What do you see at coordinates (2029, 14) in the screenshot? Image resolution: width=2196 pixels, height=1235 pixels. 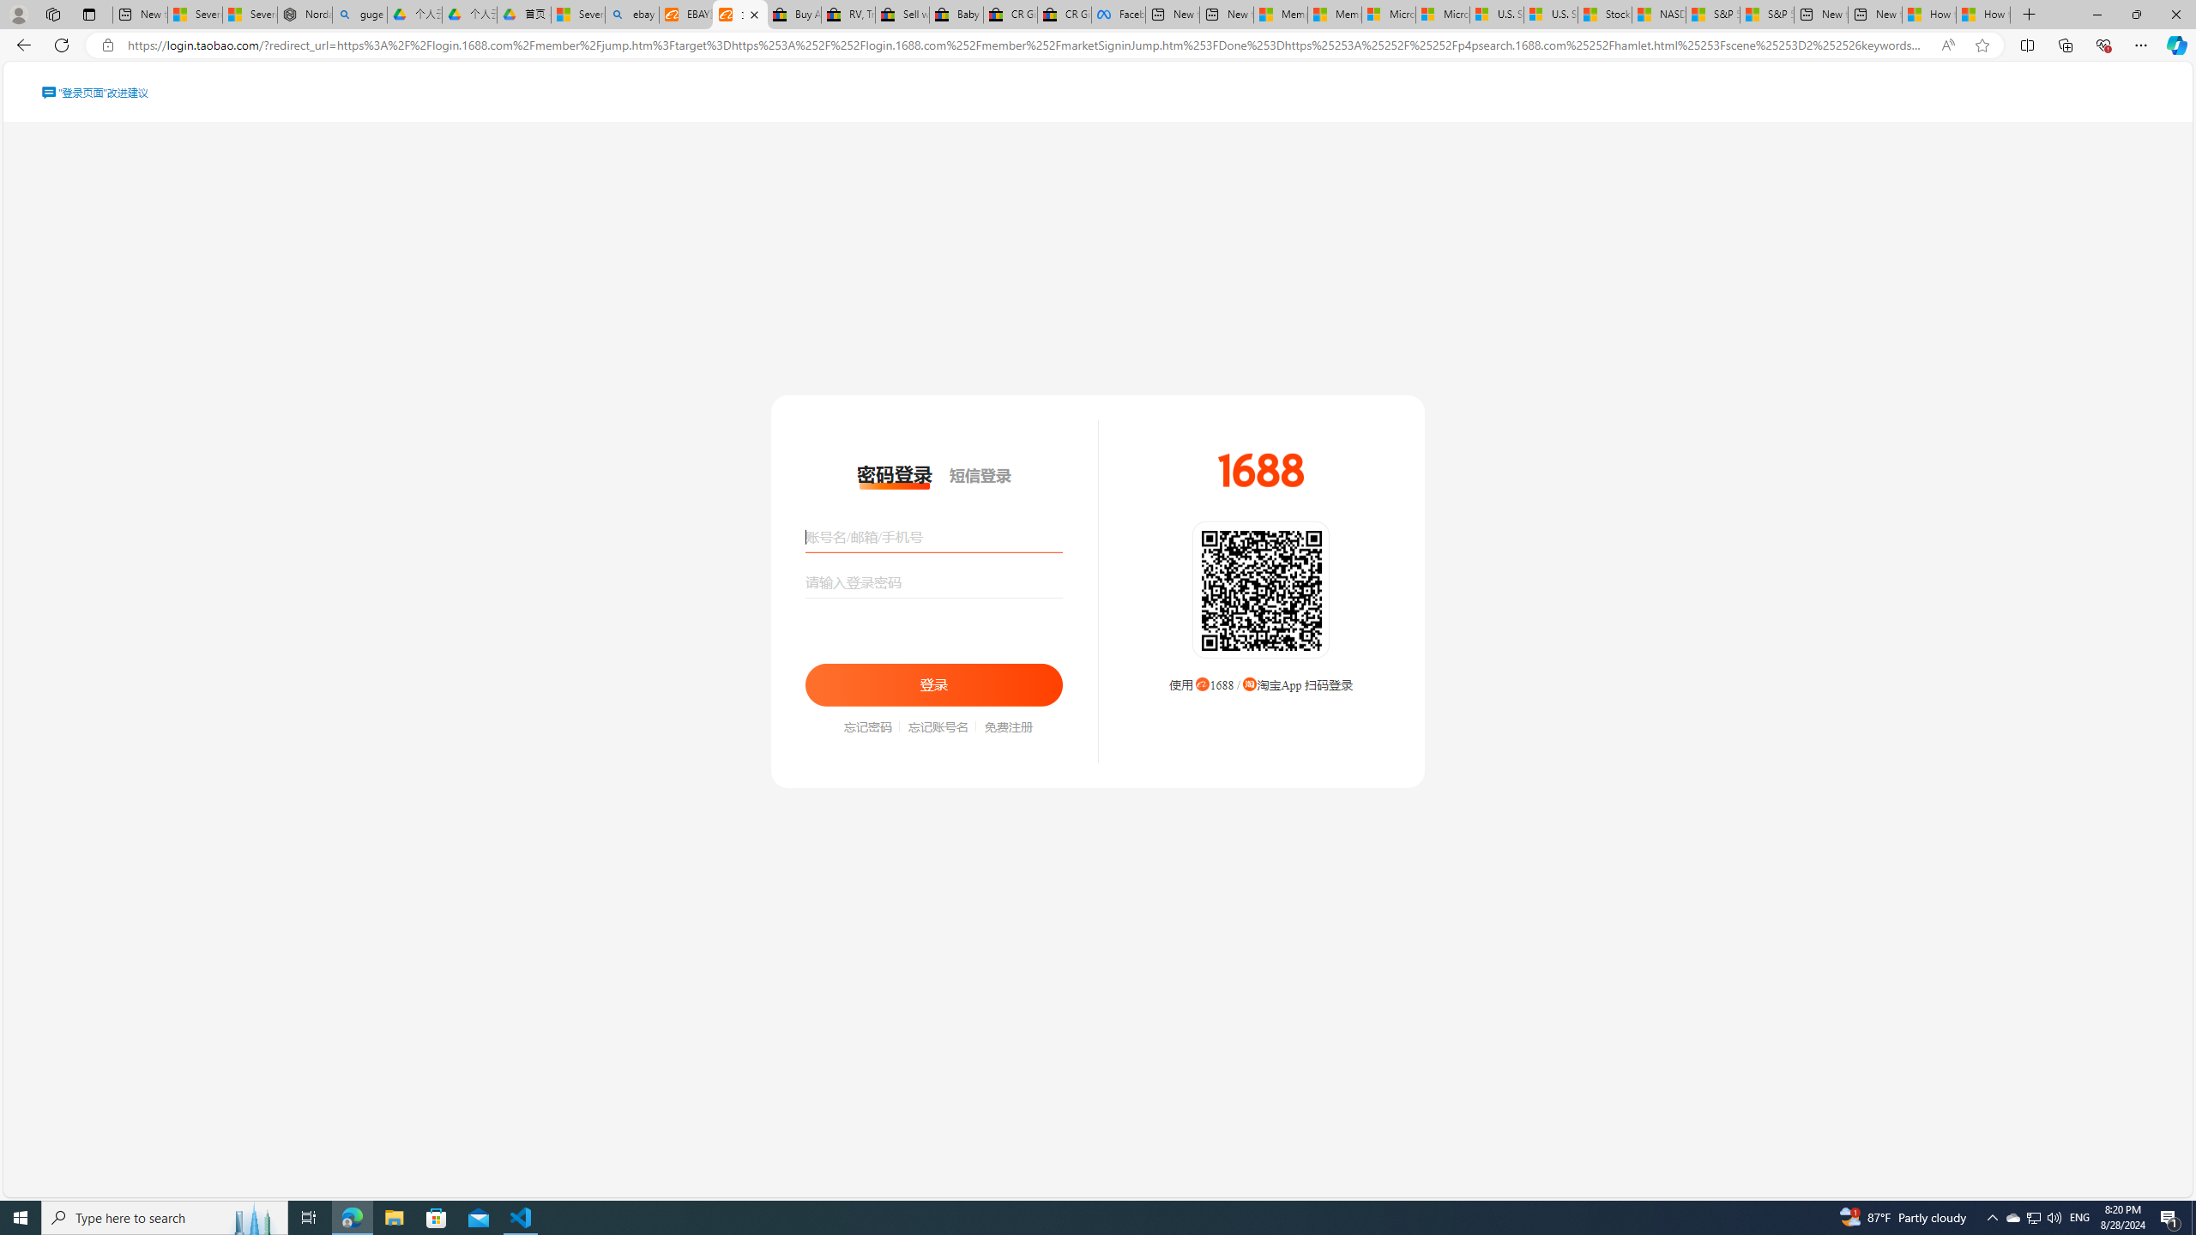 I see `'New Tab'` at bounding box center [2029, 14].